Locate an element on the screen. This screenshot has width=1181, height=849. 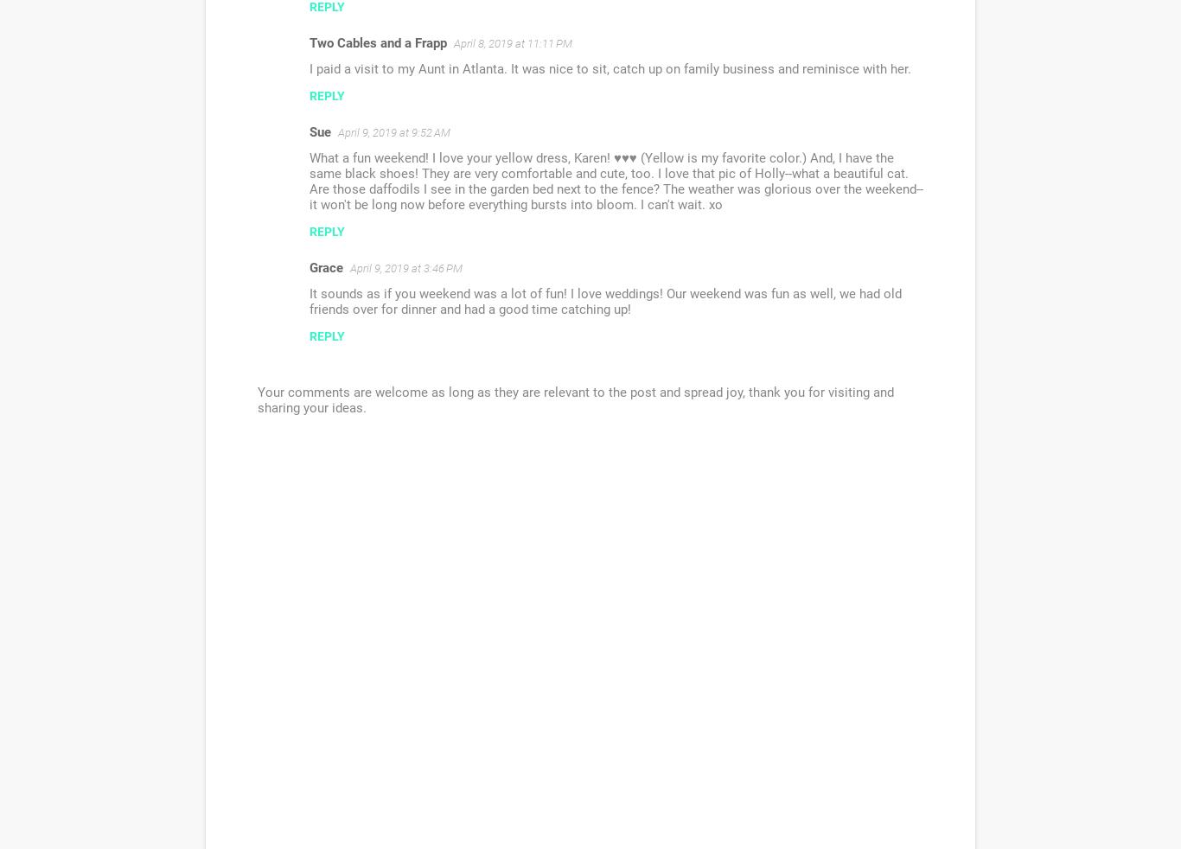
'Grace' is located at coordinates (325, 268).